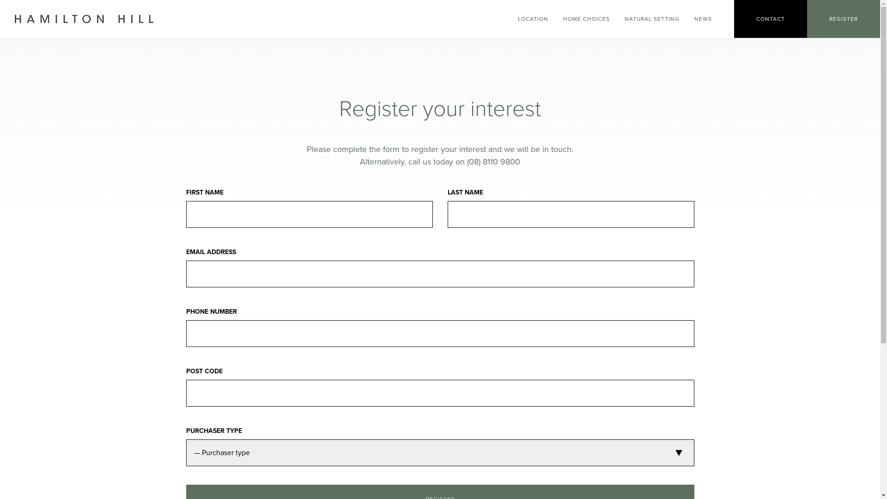 This screenshot has height=499, width=887. Describe the element at coordinates (80, 19) in the screenshot. I see `'Go to Hamilton Hill home page'` at that location.